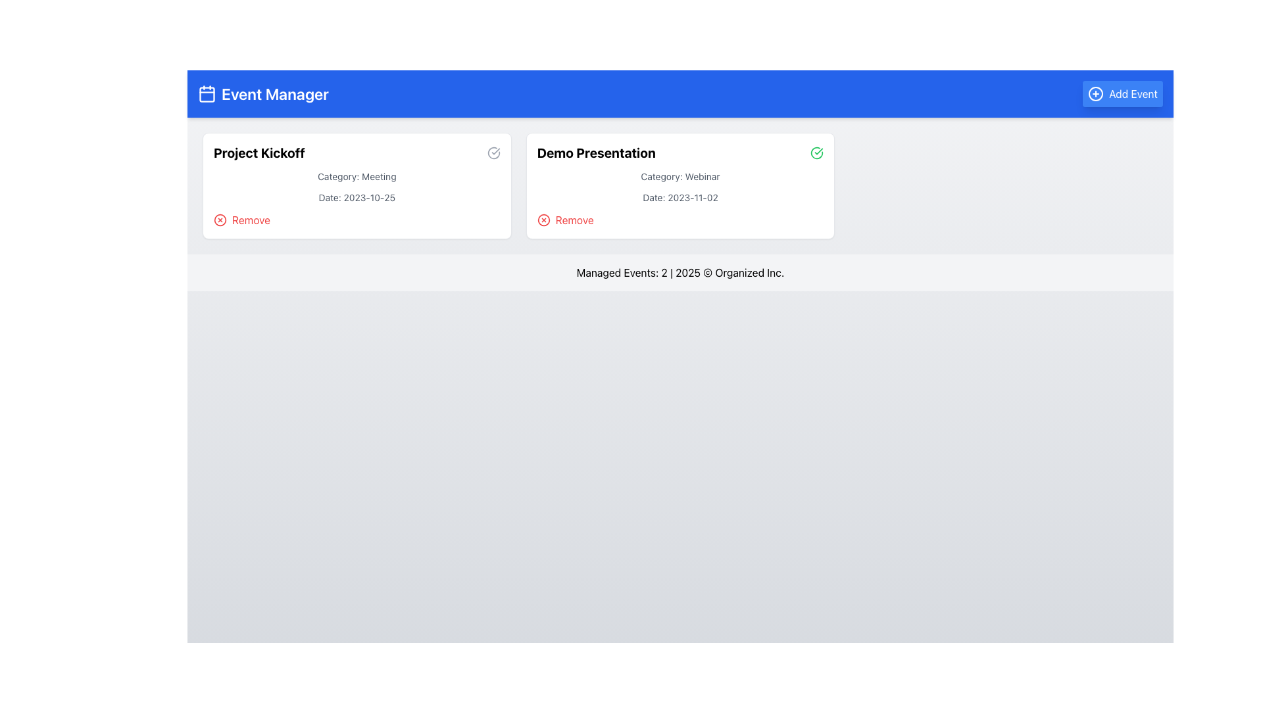  What do you see at coordinates (1096, 93) in the screenshot?
I see `the circle icon with a '+' sign inside, located adjacent to the 'Add Event' button in the top right corner of the interface` at bounding box center [1096, 93].